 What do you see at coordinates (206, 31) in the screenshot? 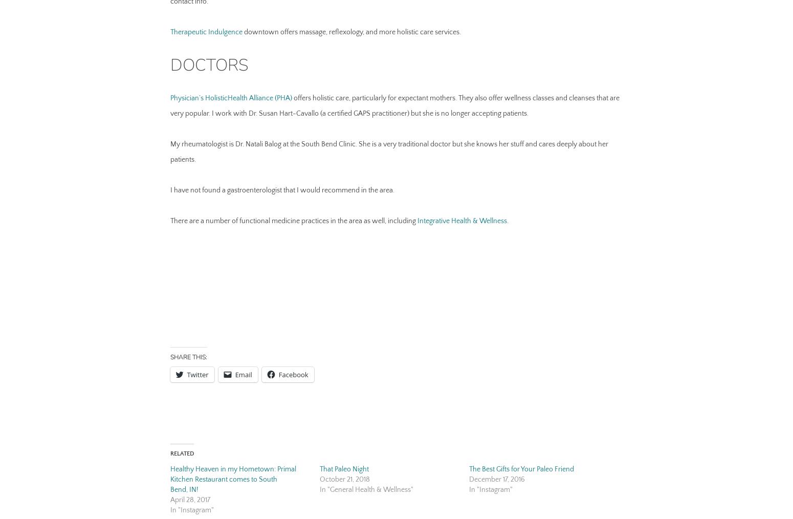
I see `'Therapeutic Indulgence'` at bounding box center [206, 31].